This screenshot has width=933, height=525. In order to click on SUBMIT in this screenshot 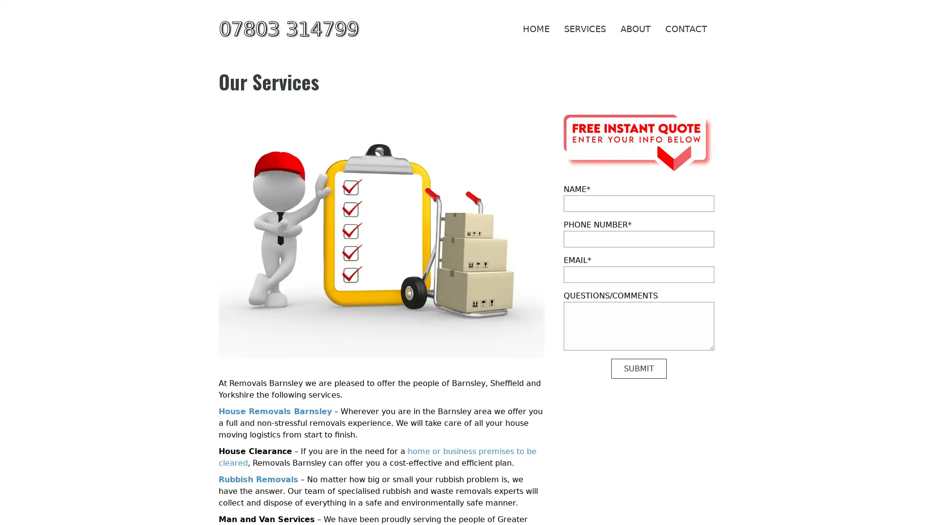, I will do `click(639, 368)`.